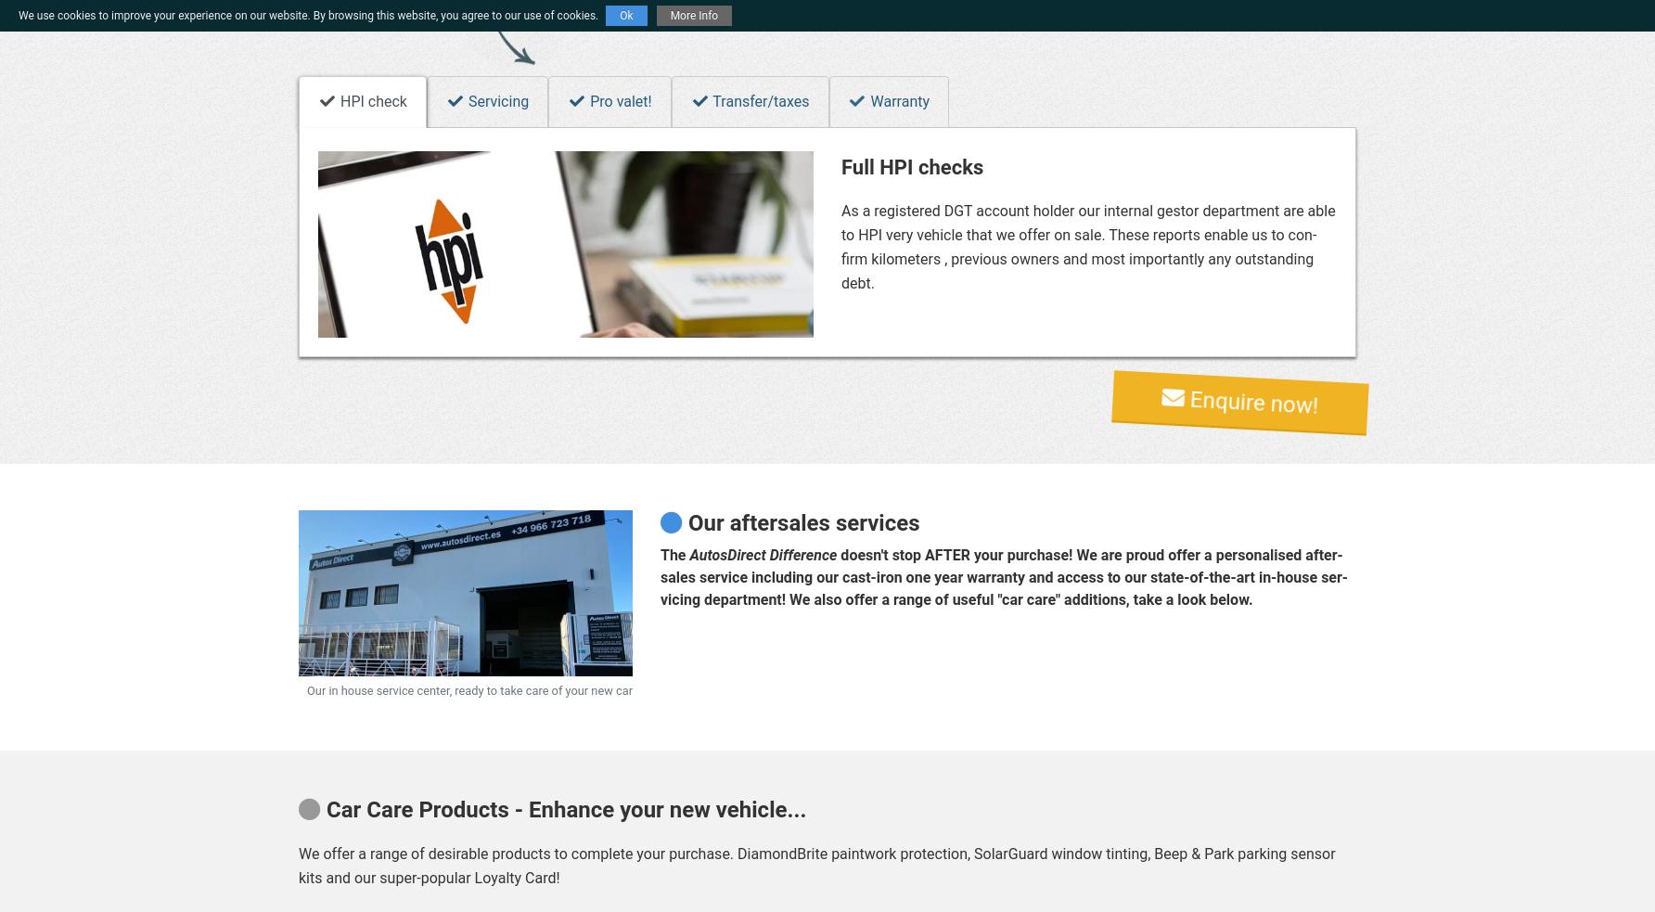 The width and height of the screenshot is (1655, 912). What do you see at coordinates (336, 100) in the screenshot?
I see `'HPI check'` at bounding box center [336, 100].